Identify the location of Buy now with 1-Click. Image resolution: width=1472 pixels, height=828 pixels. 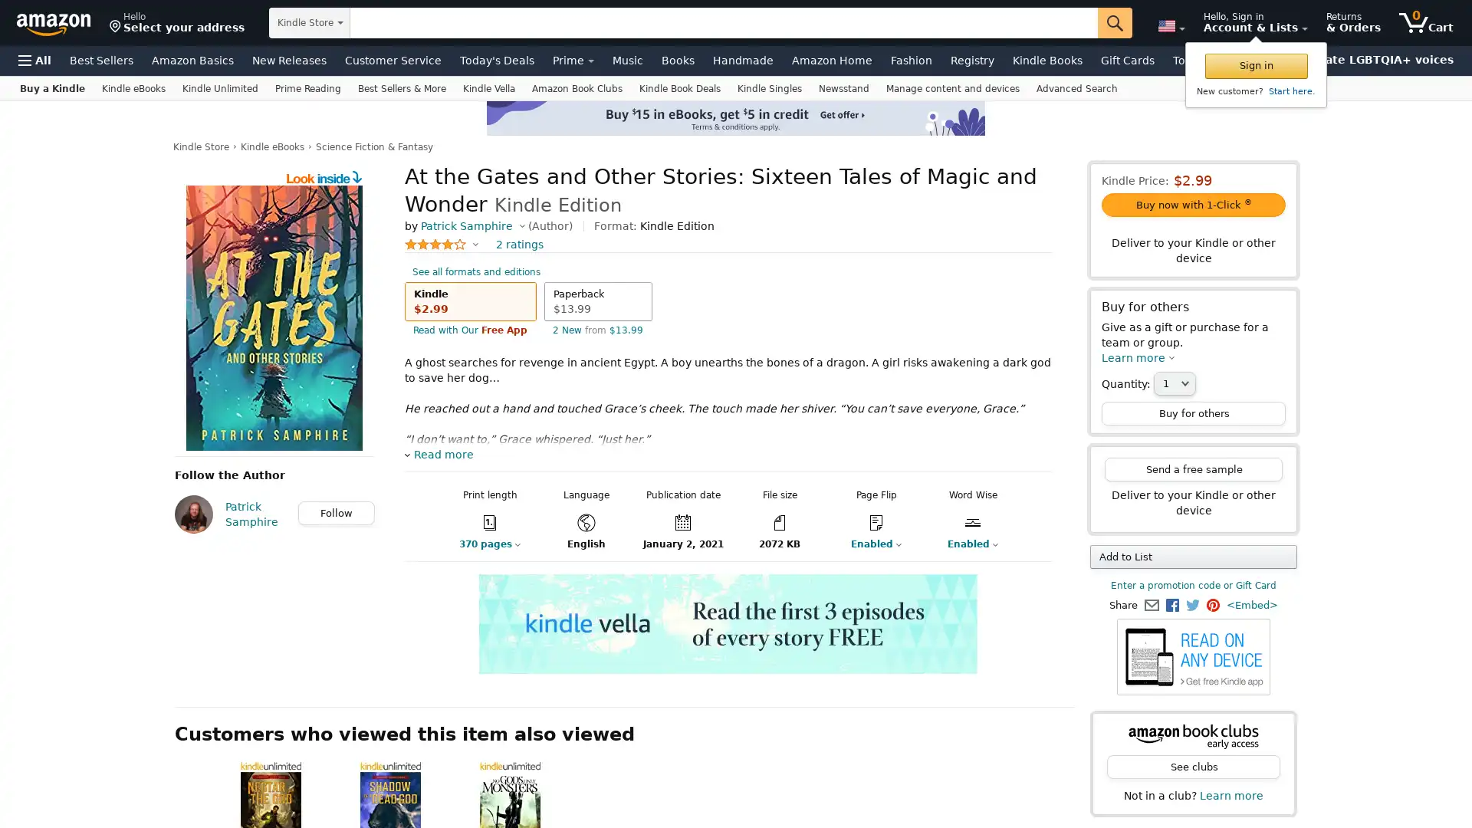
(1192, 204).